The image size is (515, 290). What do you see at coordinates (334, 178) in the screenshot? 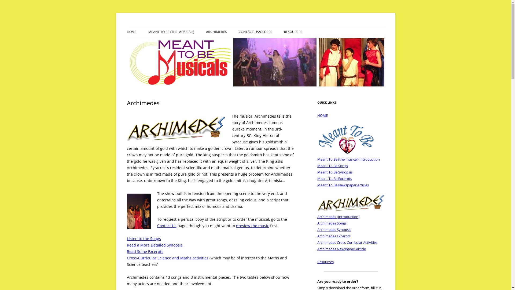
I see `'Meant To Be Excerpts'` at bounding box center [334, 178].